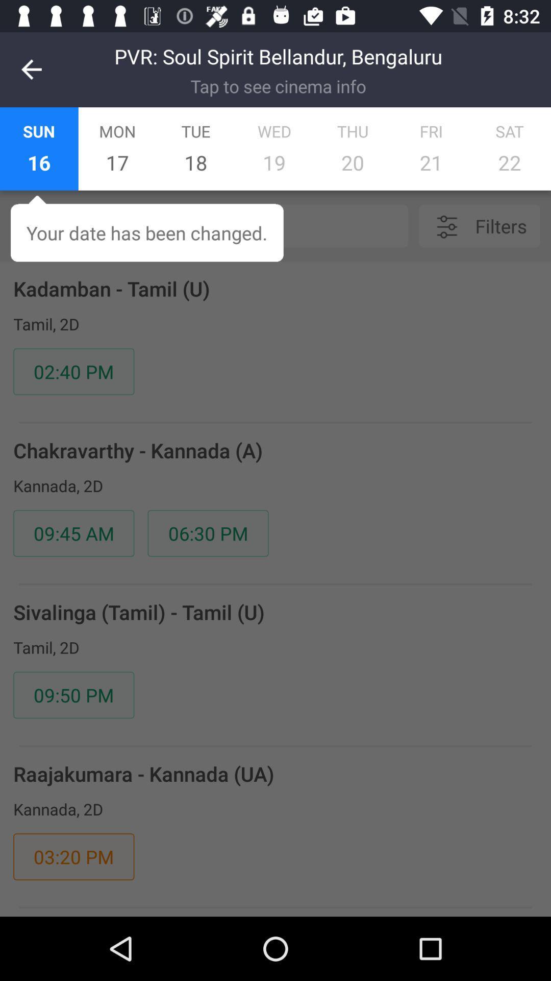 The image size is (551, 981). I want to click on the search by movie, so click(234, 225).